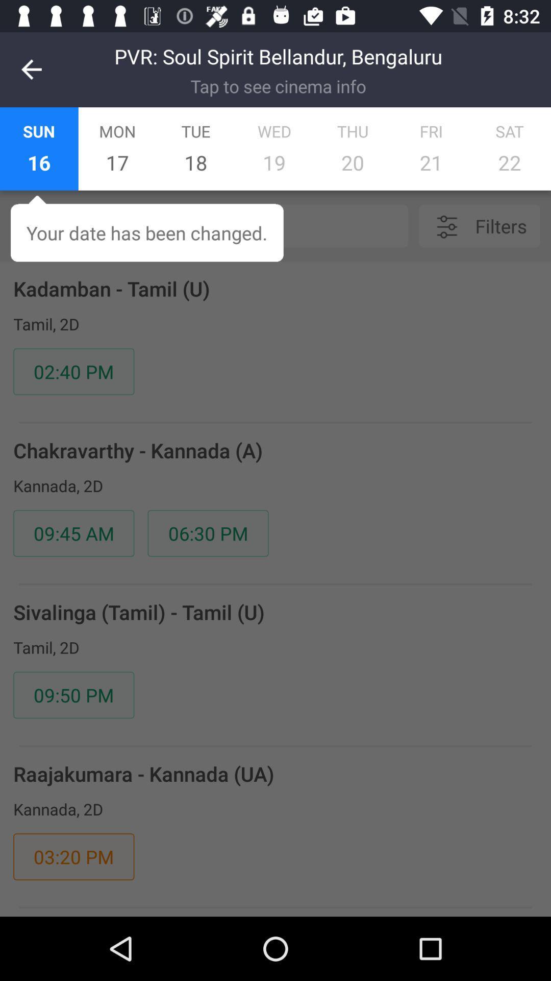 The image size is (551, 981). I want to click on the search by movie, so click(234, 225).